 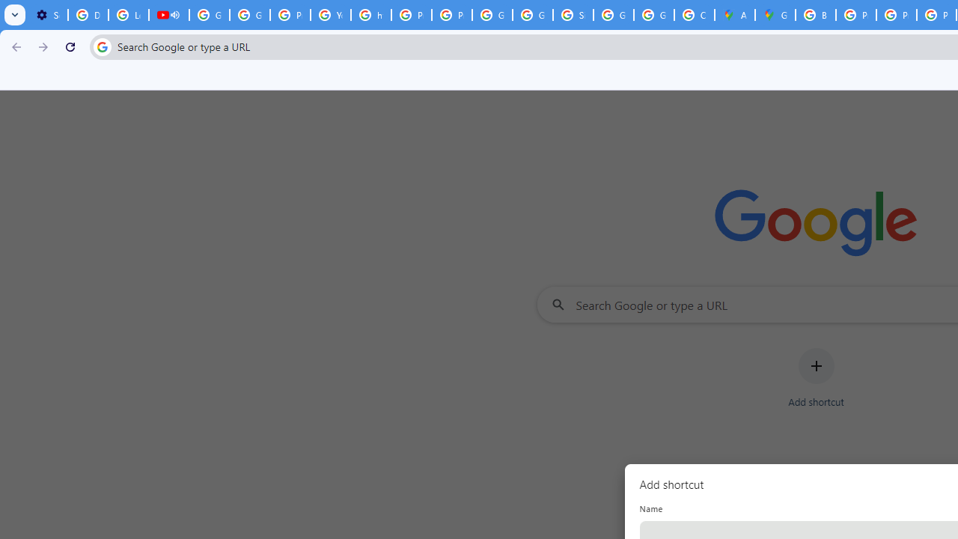 I want to click on 'Learn how to find your photos - Google Photos Help', so click(x=128, y=15).